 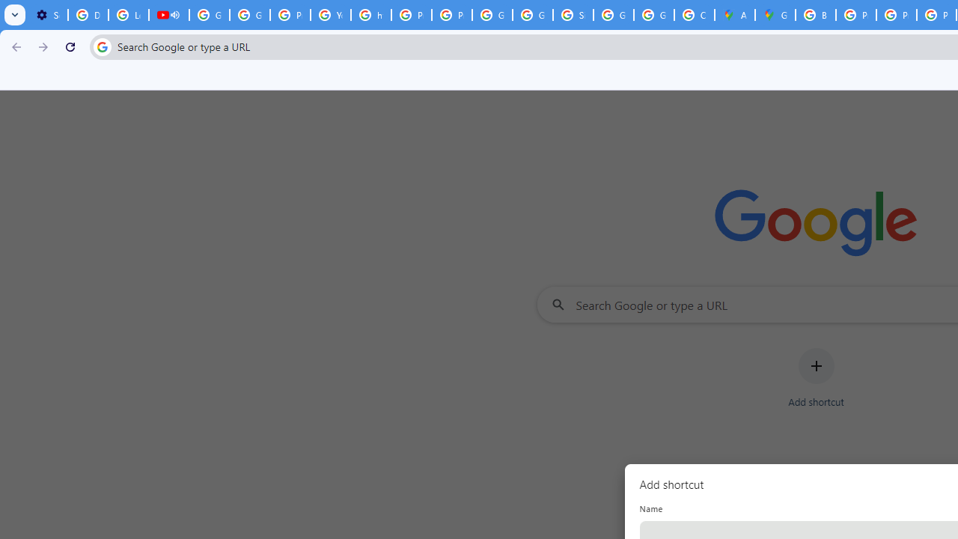 I want to click on 'Learn how to find your photos - Google Photos Help', so click(x=128, y=15).